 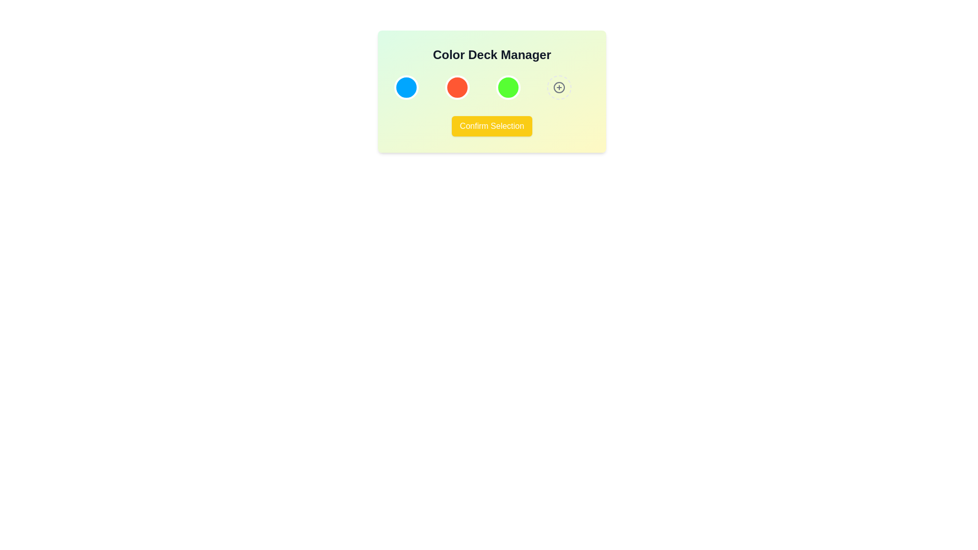 What do you see at coordinates (559, 87) in the screenshot?
I see `the circular button icon with a plus symbol in the center to potentially display a tooltip or highlight` at bounding box center [559, 87].